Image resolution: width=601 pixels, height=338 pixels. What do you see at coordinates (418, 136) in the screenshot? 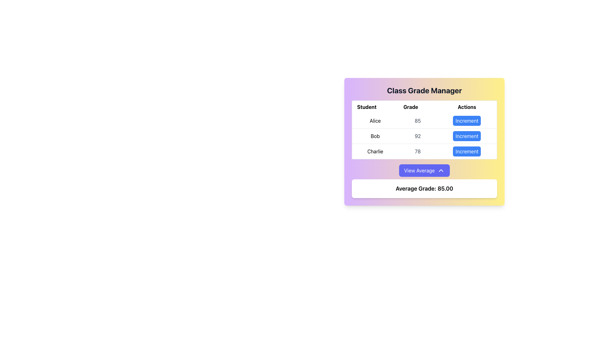
I see `the static Text label displaying the grade value (92) for student 'Bob', located between the 'Bob' entry and the 'Increment' button in the table layout` at bounding box center [418, 136].